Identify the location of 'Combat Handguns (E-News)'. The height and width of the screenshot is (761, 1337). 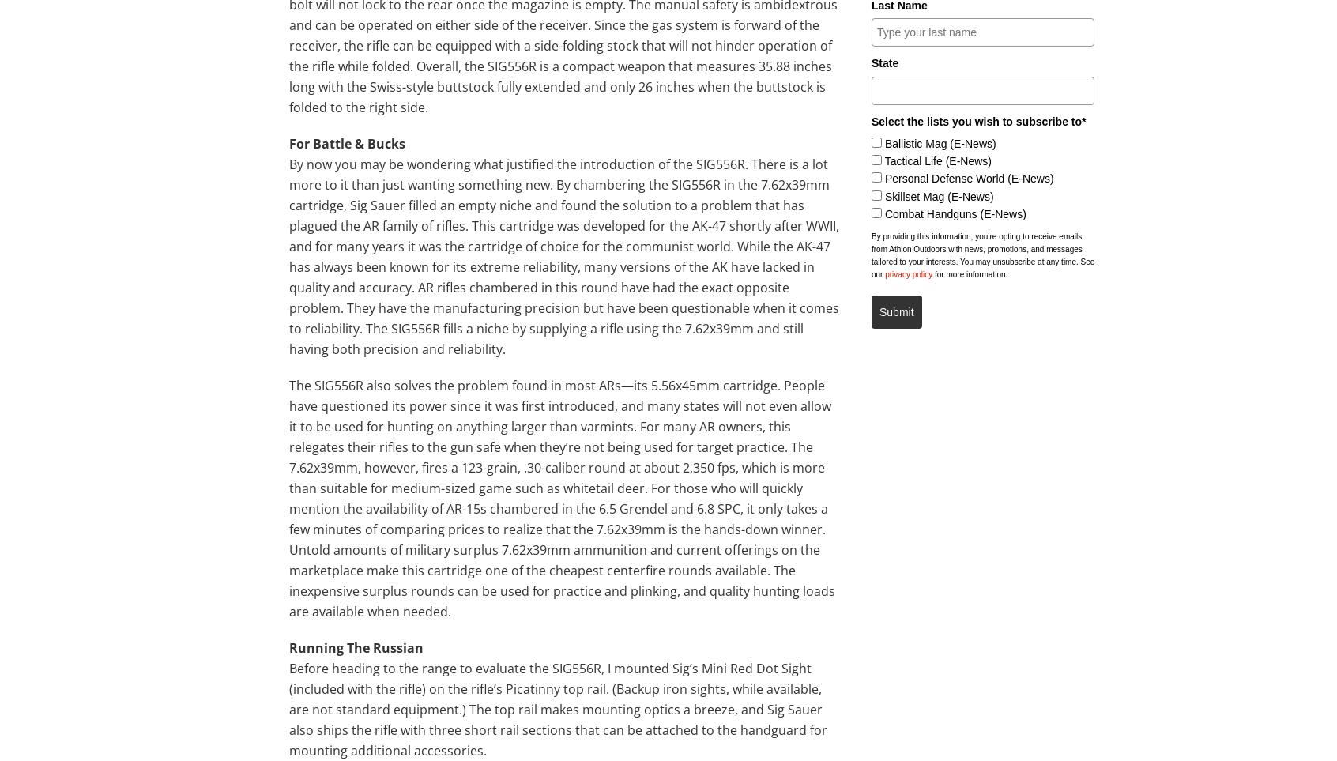
(955, 213).